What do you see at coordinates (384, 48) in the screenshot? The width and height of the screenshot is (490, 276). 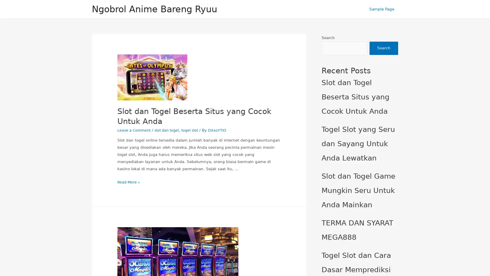 I see `Search` at bounding box center [384, 48].